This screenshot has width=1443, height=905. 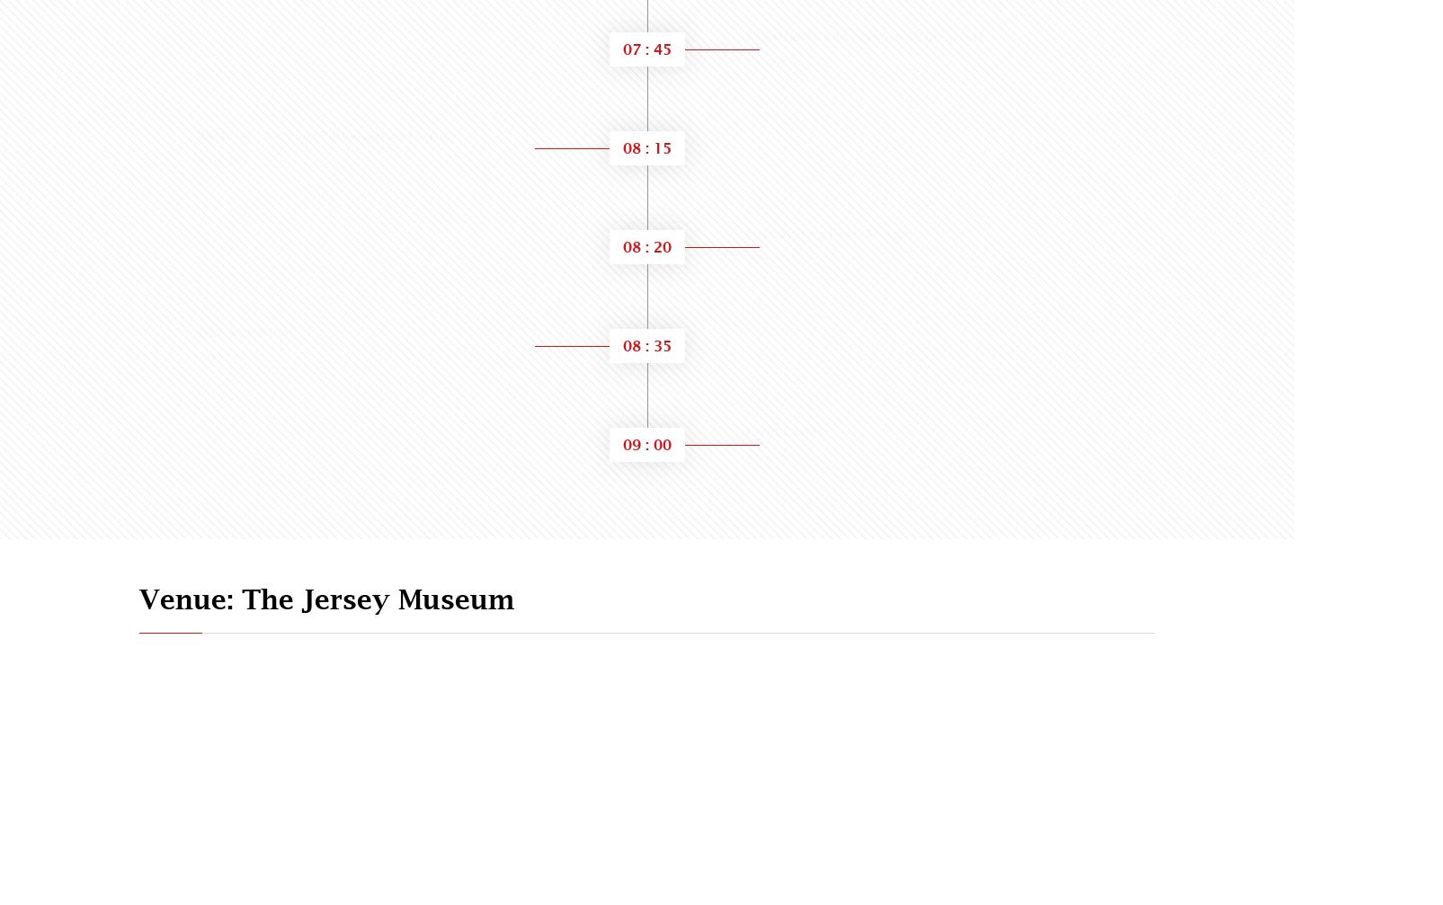 What do you see at coordinates (828, 233) in the screenshot?
I see `'Myth Busting Panel Session'` at bounding box center [828, 233].